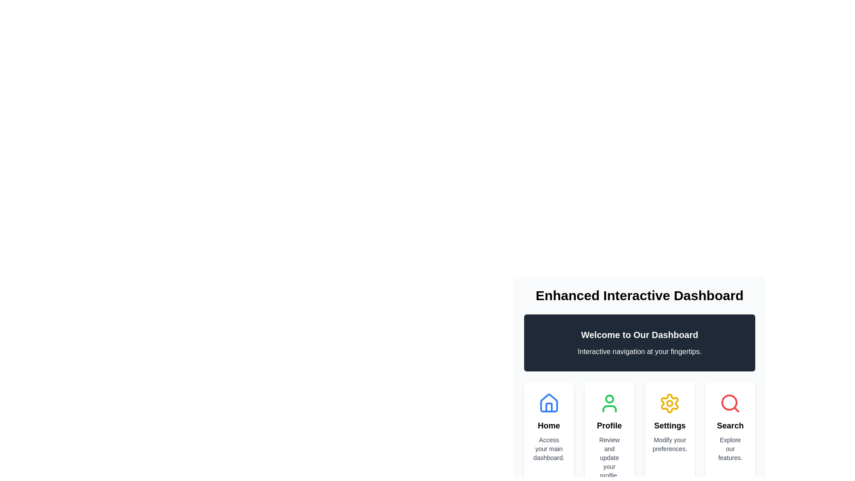  What do you see at coordinates (548, 448) in the screenshot?
I see `the text label that provides a short description about the 'Home' navigation feature, which is located beneath the 'Home' label and icon within the first card on the dashboard` at bounding box center [548, 448].